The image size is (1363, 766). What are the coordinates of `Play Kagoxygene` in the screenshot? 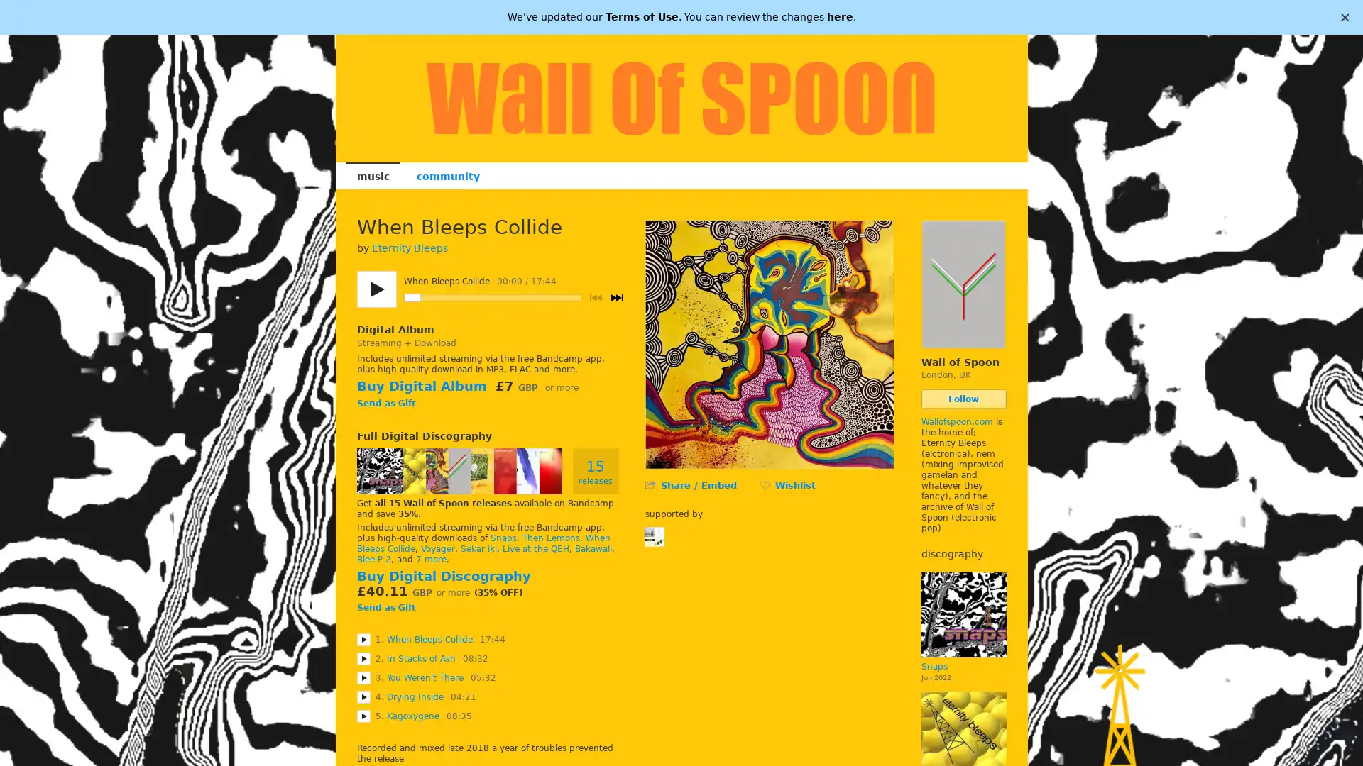 It's located at (363, 716).